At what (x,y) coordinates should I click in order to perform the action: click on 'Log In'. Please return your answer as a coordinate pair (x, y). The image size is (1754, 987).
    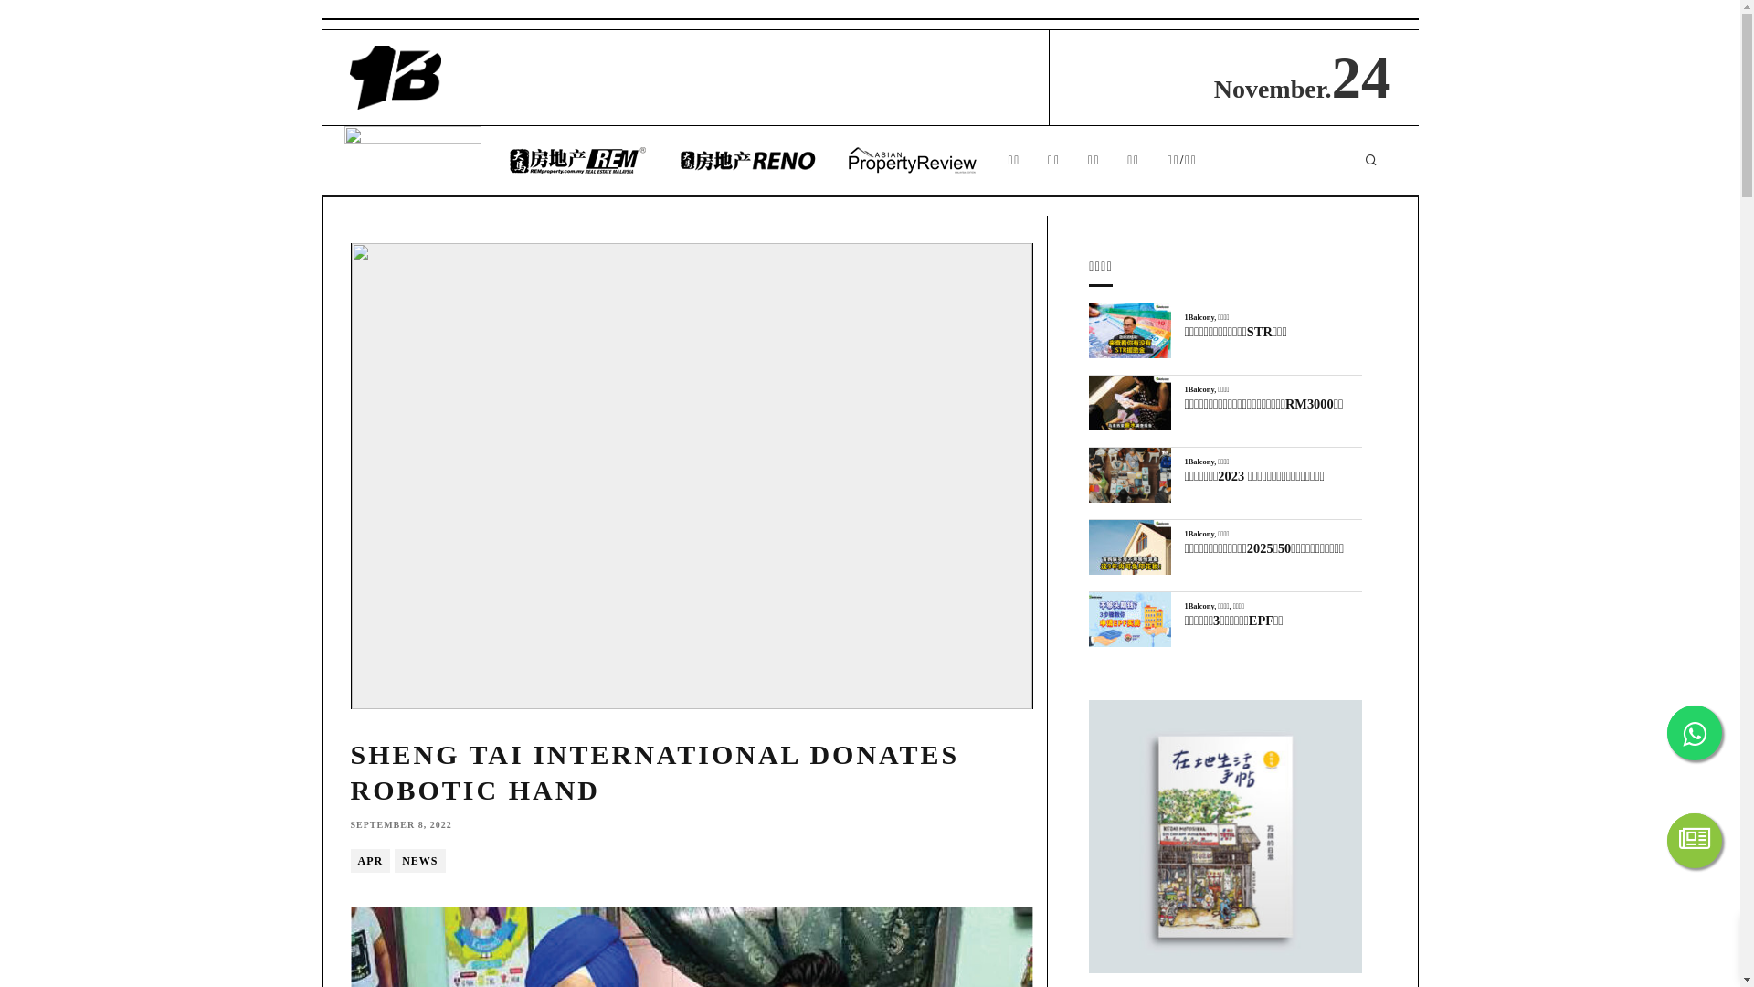
    Looking at the image, I should click on (756, 480).